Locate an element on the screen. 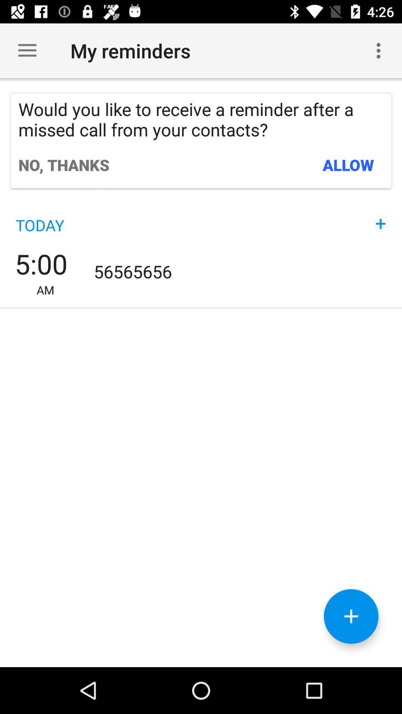 The height and width of the screenshot is (714, 402). allow is located at coordinates (348, 164).